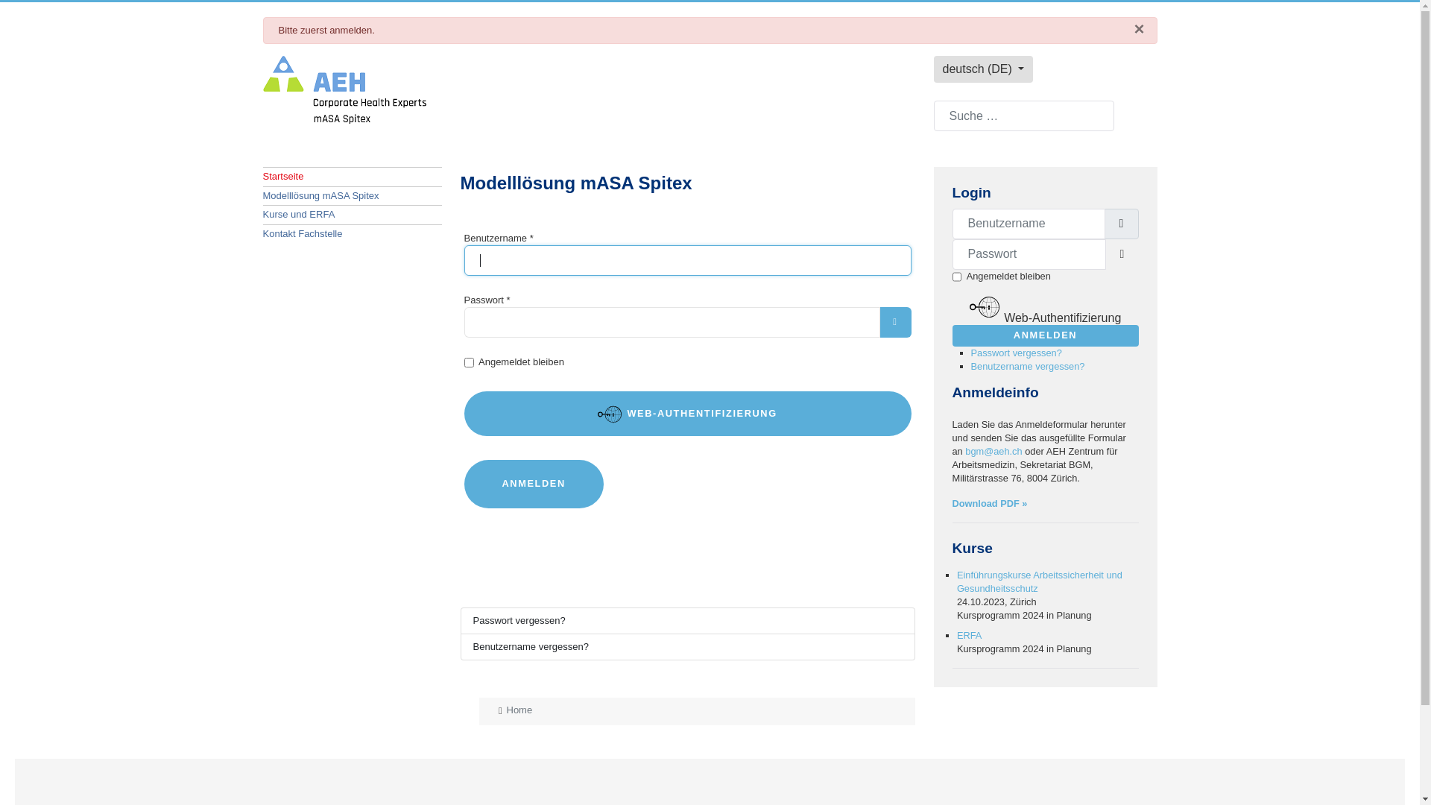  I want to click on 'PASSWORT ANZEIGEN', so click(894, 321).